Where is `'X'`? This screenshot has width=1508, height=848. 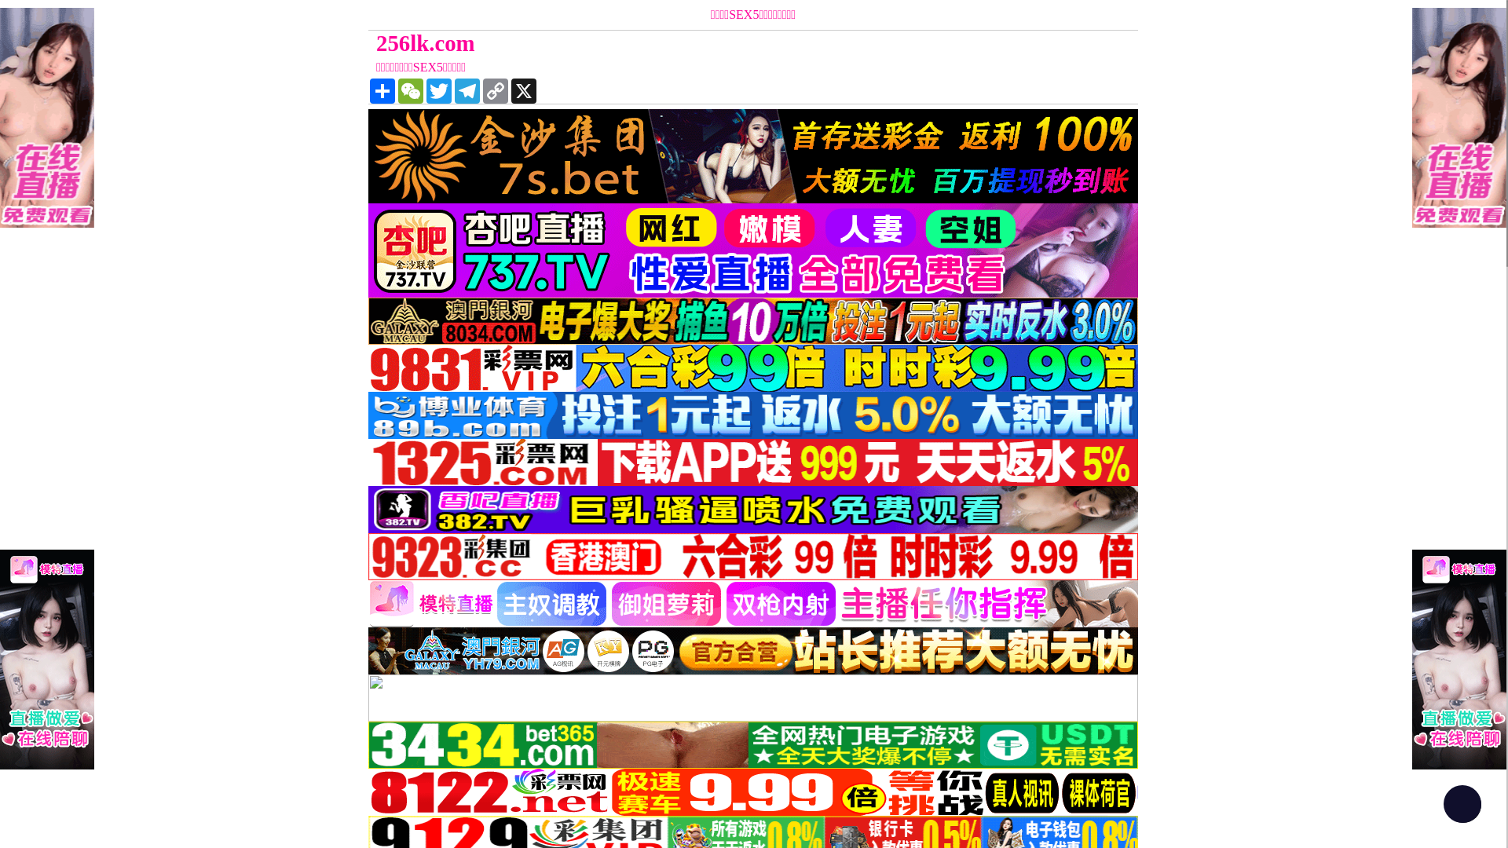
'X' is located at coordinates (524, 90).